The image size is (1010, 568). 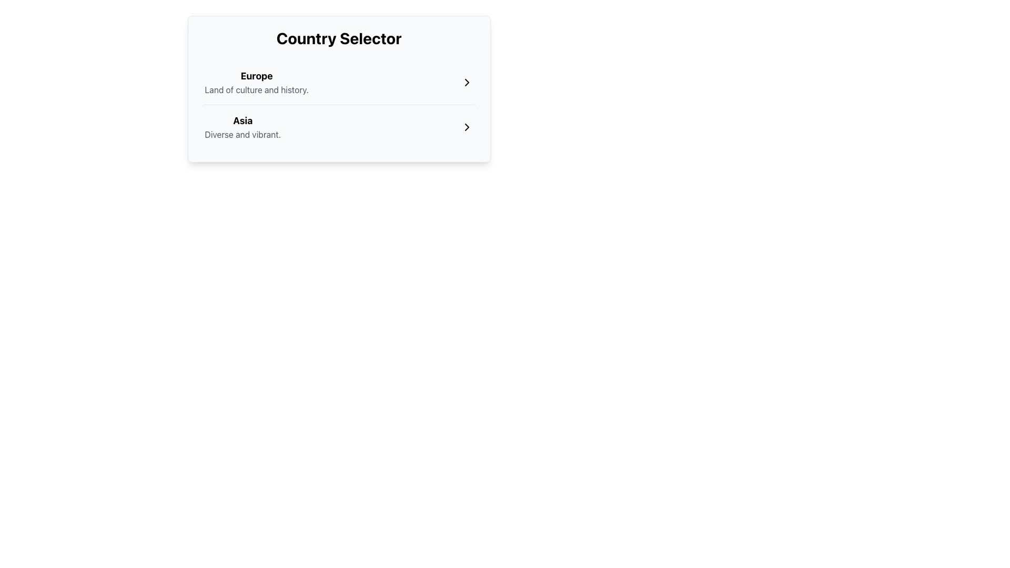 What do you see at coordinates (242, 127) in the screenshot?
I see `the second selectable list item labeled 'Asia' which has a bold top line and a smaller gray bottom line` at bounding box center [242, 127].